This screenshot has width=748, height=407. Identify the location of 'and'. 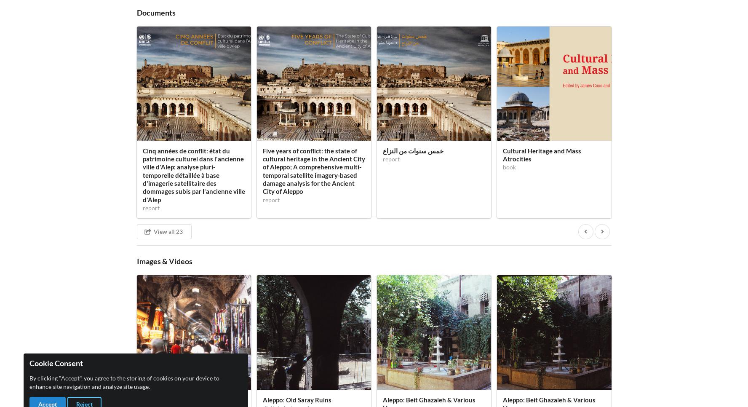
(307, 56).